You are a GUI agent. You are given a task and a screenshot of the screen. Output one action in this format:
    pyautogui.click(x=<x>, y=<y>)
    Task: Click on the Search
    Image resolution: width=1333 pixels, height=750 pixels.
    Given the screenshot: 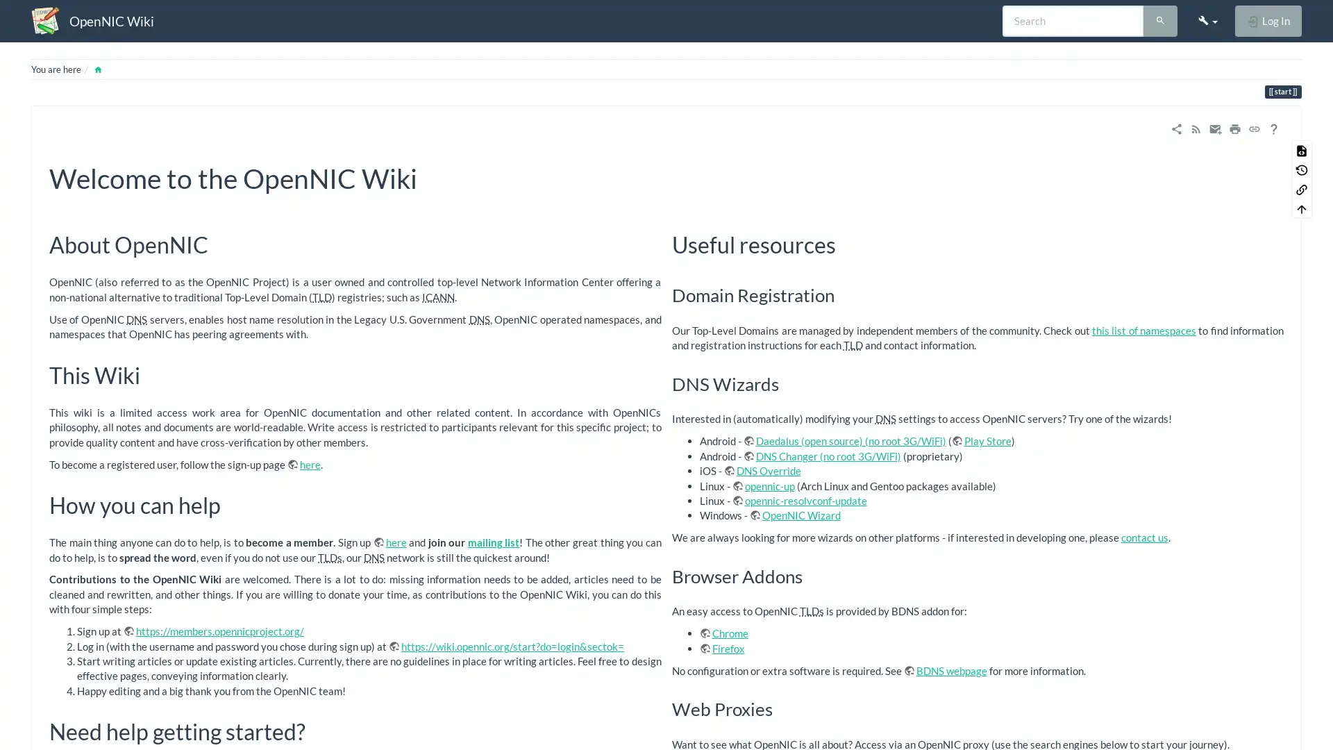 What is the action you would take?
    pyautogui.click(x=1159, y=20)
    